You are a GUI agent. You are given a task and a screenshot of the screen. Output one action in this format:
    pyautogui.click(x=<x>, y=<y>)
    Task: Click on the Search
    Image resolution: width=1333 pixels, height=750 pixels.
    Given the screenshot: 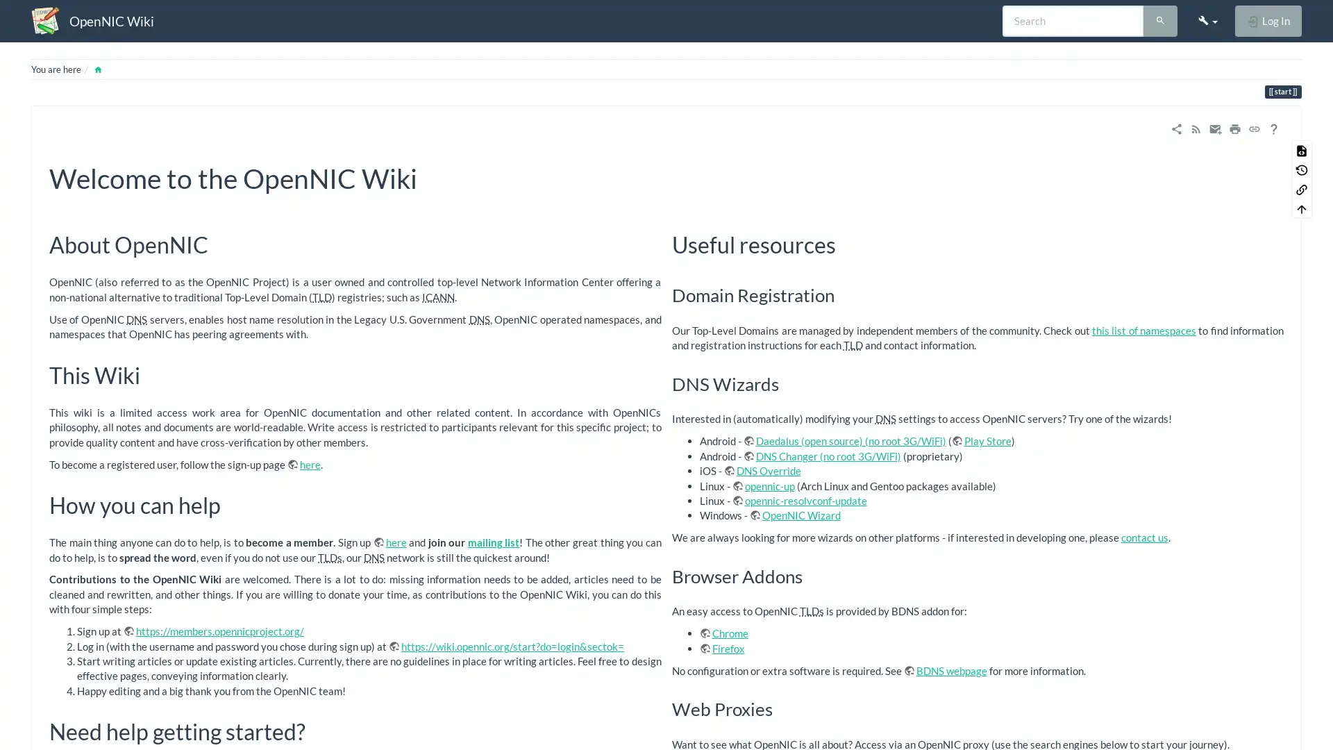 What is the action you would take?
    pyautogui.click(x=1159, y=20)
    